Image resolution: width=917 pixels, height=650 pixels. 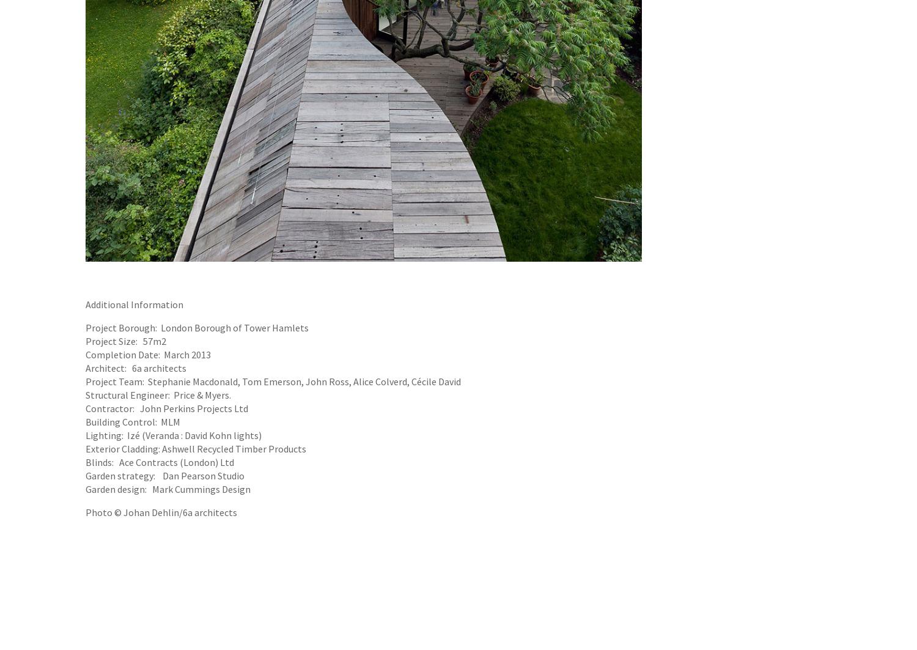 I want to click on 'Garden strategy:    Dan Pearson Studio', so click(x=166, y=475).